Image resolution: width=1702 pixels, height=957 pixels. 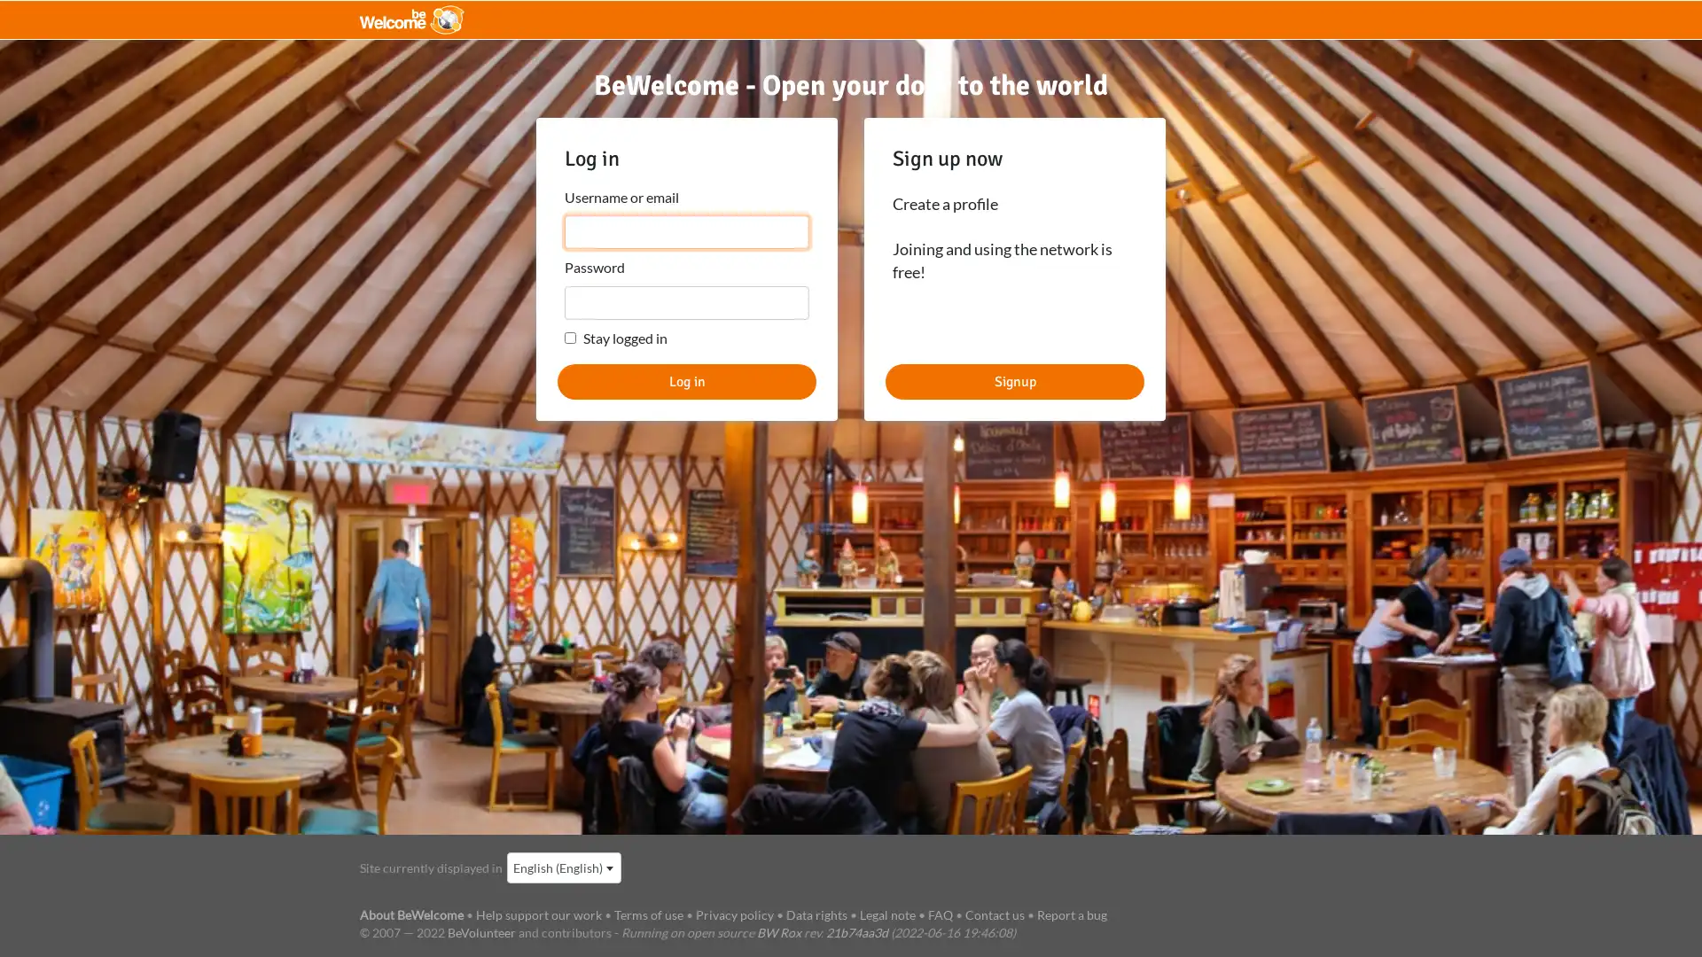 I want to click on Signup, so click(x=1015, y=379).